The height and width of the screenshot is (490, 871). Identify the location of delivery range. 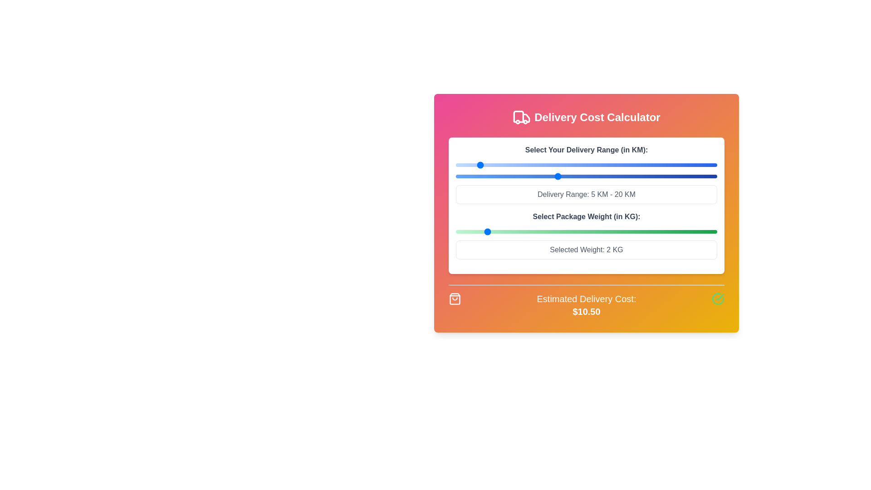
(461, 176).